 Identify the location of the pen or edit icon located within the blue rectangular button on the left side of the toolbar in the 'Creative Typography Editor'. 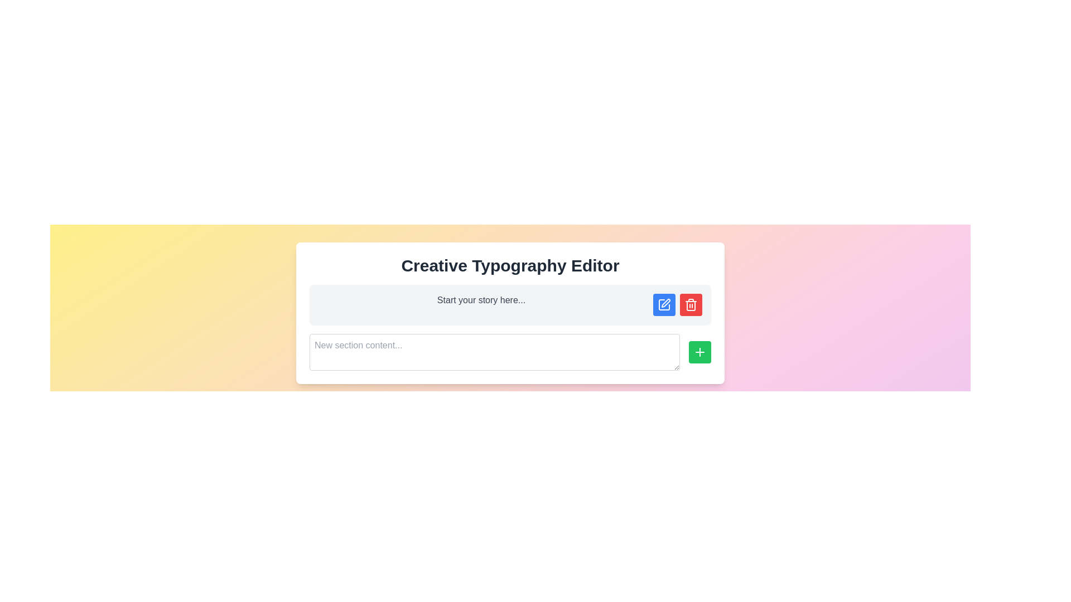
(664, 305).